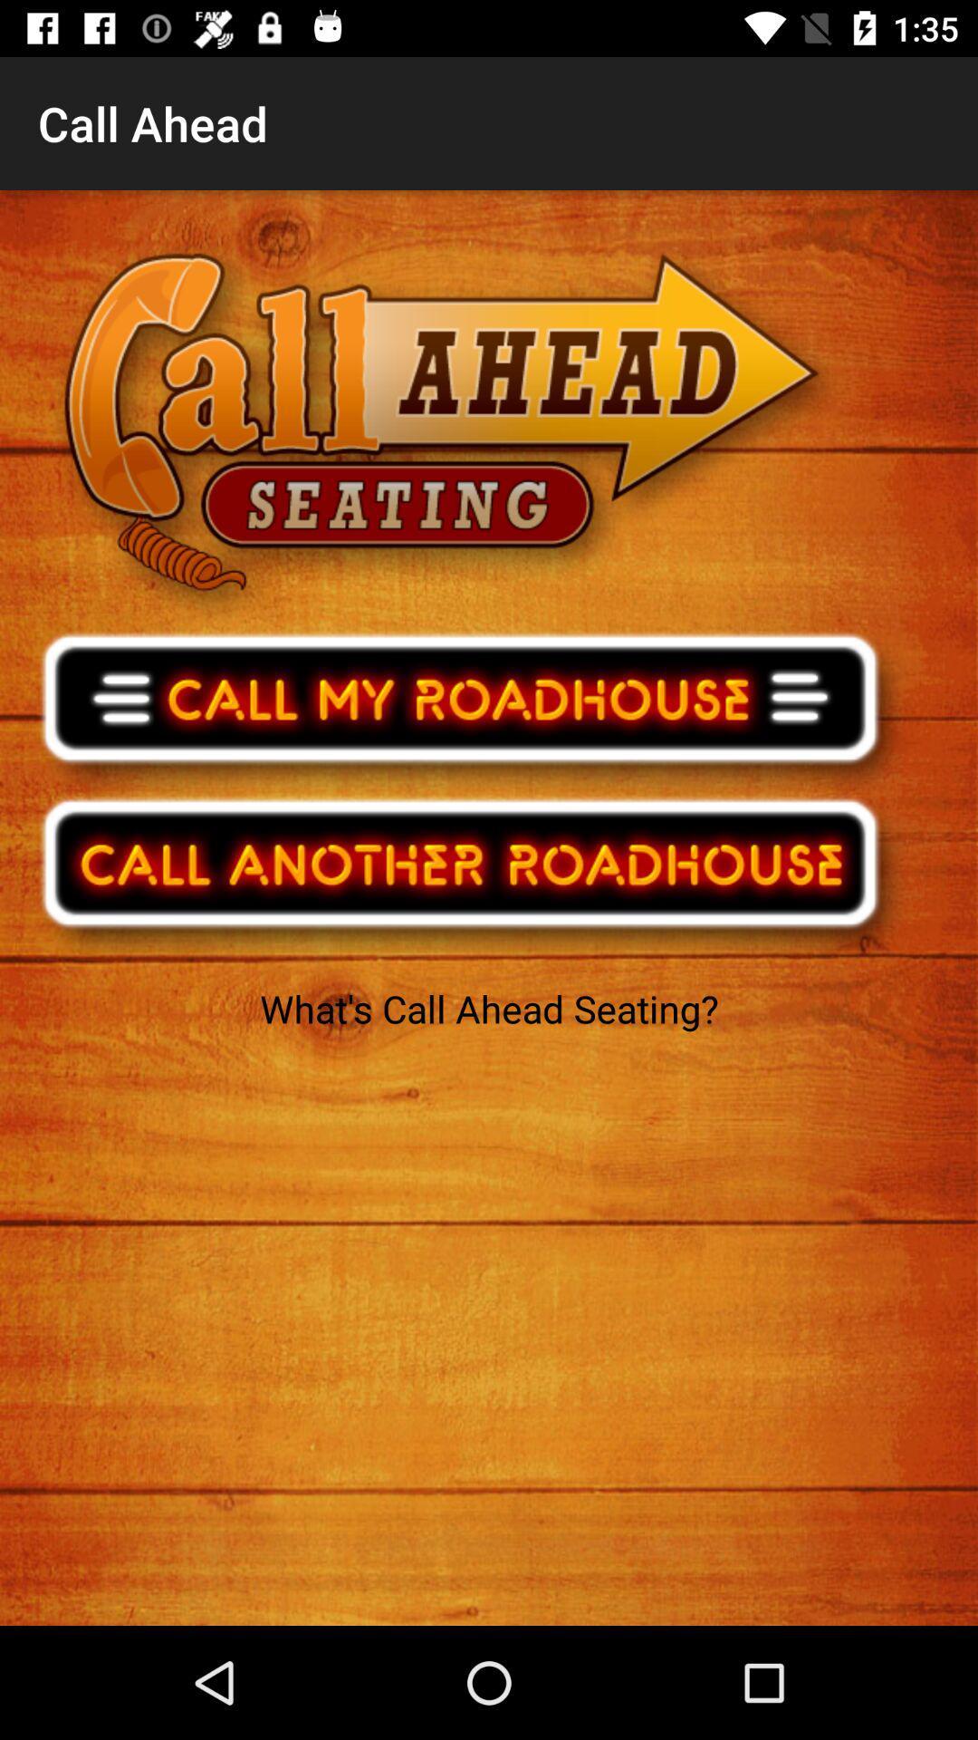 This screenshot has width=978, height=1740. What do you see at coordinates (472, 708) in the screenshot?
I see `call local roadhouse` at bounding box center [472, 708].